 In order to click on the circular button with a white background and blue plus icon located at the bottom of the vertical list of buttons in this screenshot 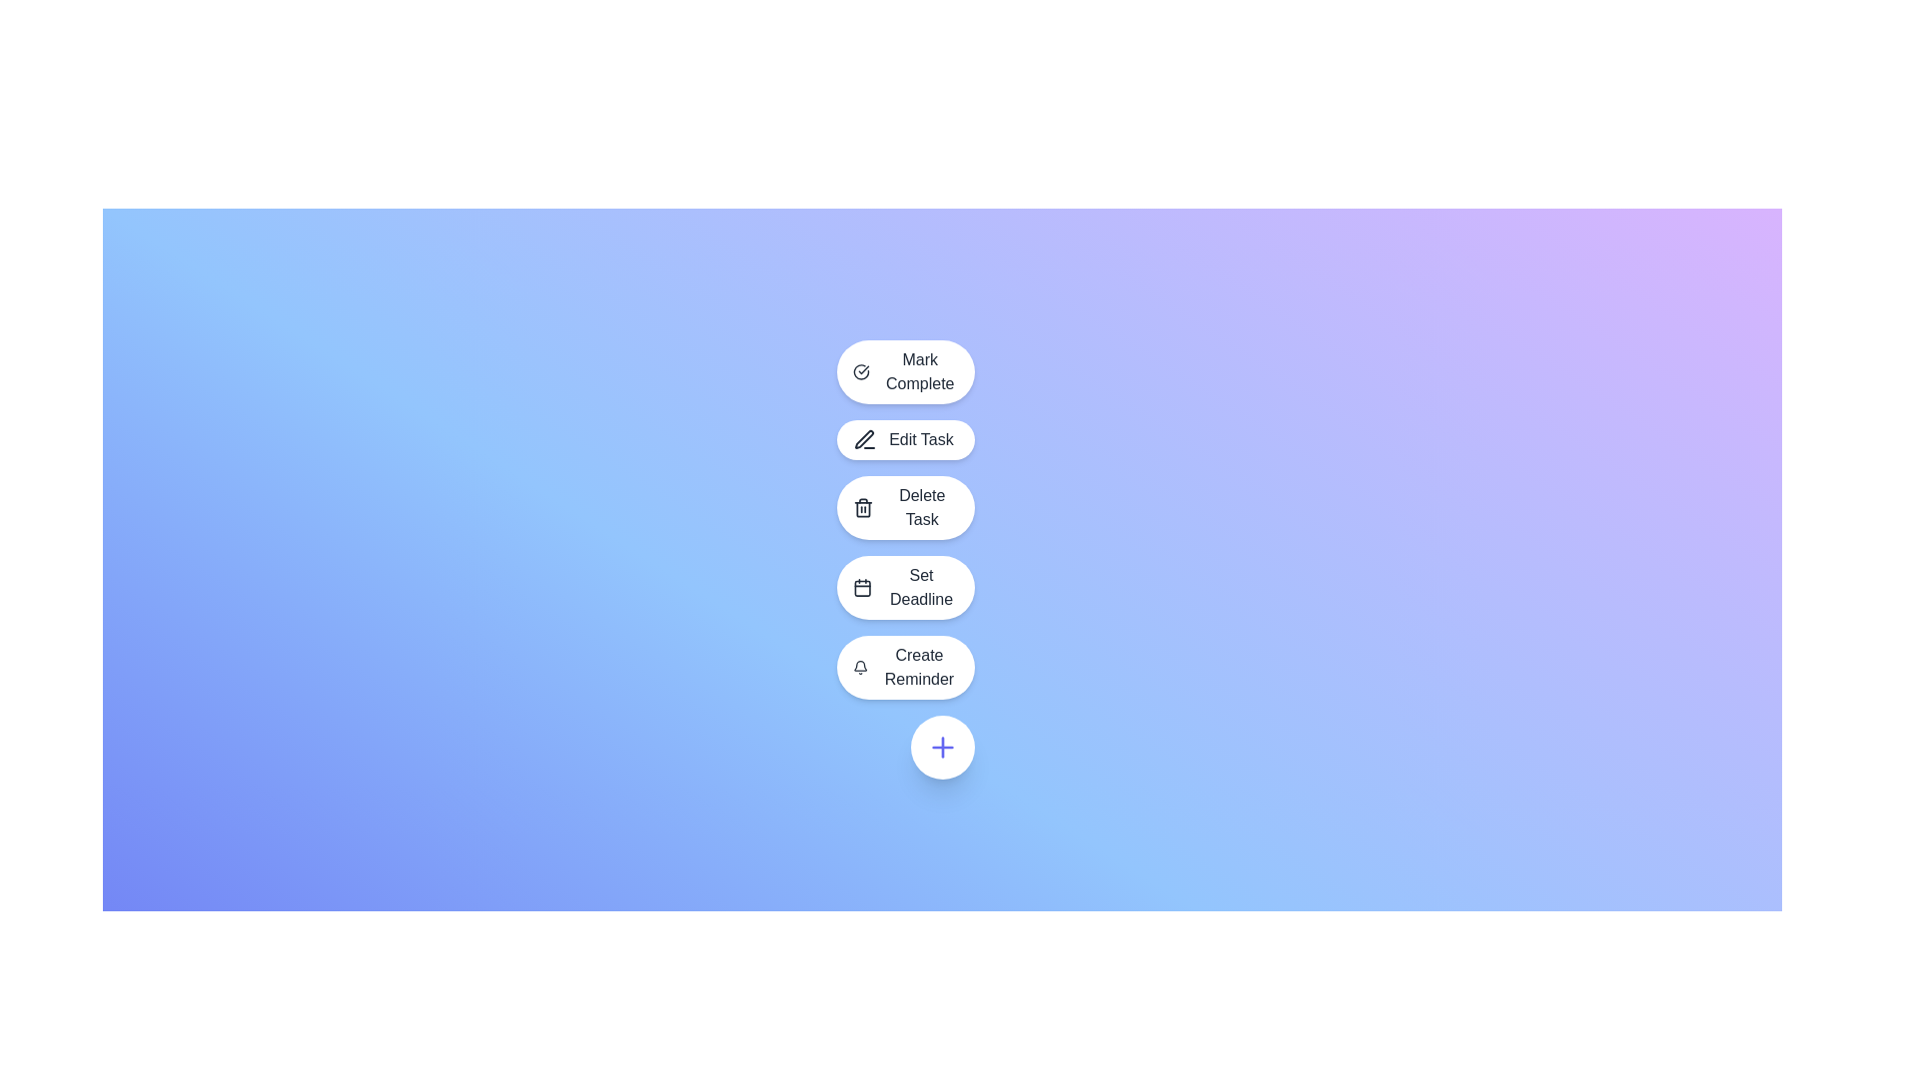, I will do `click(941, 747)`.